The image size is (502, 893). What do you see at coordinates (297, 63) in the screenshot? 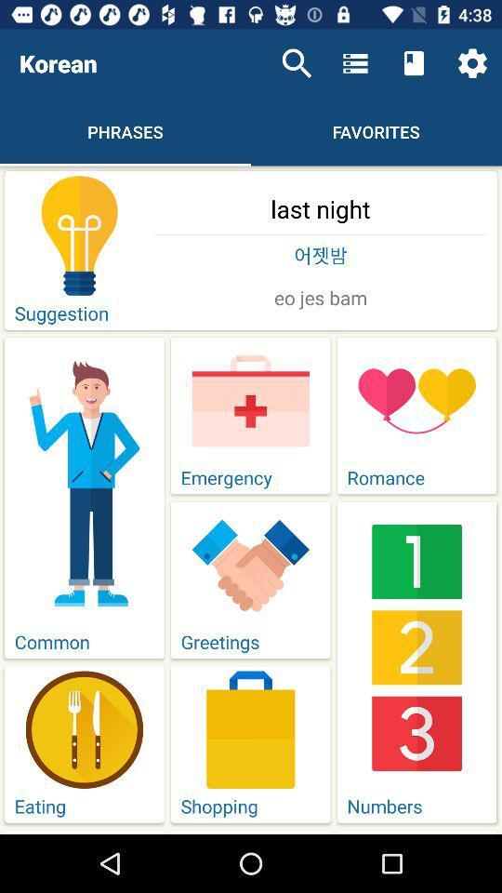
I see `icon next to the korean` at bounding box center [297, 63].